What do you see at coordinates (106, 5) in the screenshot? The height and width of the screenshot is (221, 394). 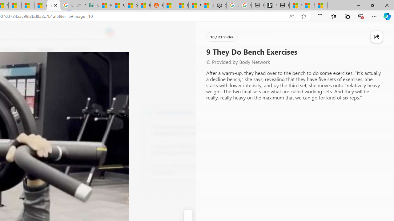 I see `'MSNBC - MSN'` at bounding box center [106, 5].